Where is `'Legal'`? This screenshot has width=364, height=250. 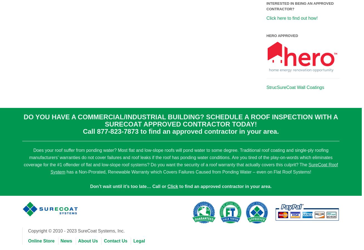 'Legal' is located at coordinates (139, 241).